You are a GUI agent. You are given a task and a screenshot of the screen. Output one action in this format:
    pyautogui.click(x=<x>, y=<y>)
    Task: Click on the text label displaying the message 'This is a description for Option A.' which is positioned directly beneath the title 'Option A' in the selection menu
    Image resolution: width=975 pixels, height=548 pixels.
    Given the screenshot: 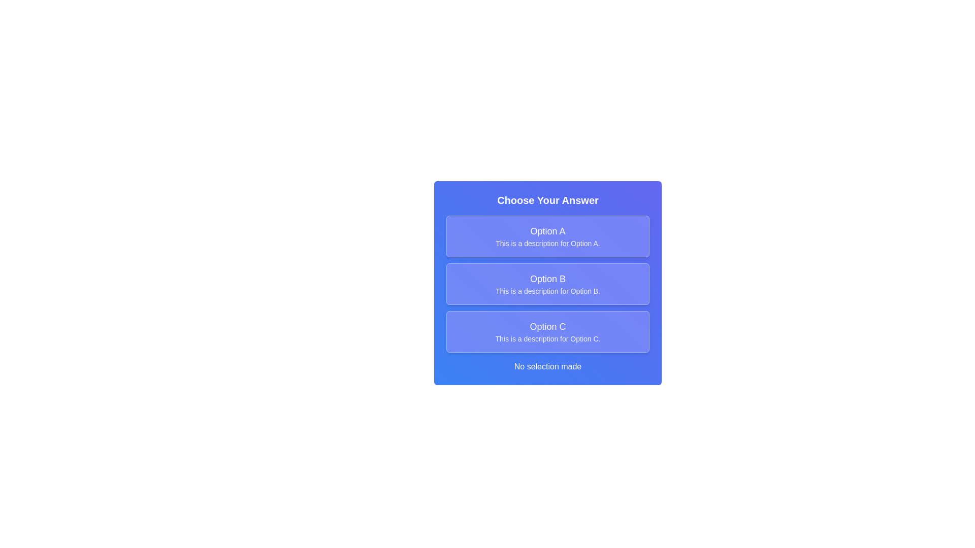 What is the action you would take?
    pyautogui.click(x=547, y=243)
    